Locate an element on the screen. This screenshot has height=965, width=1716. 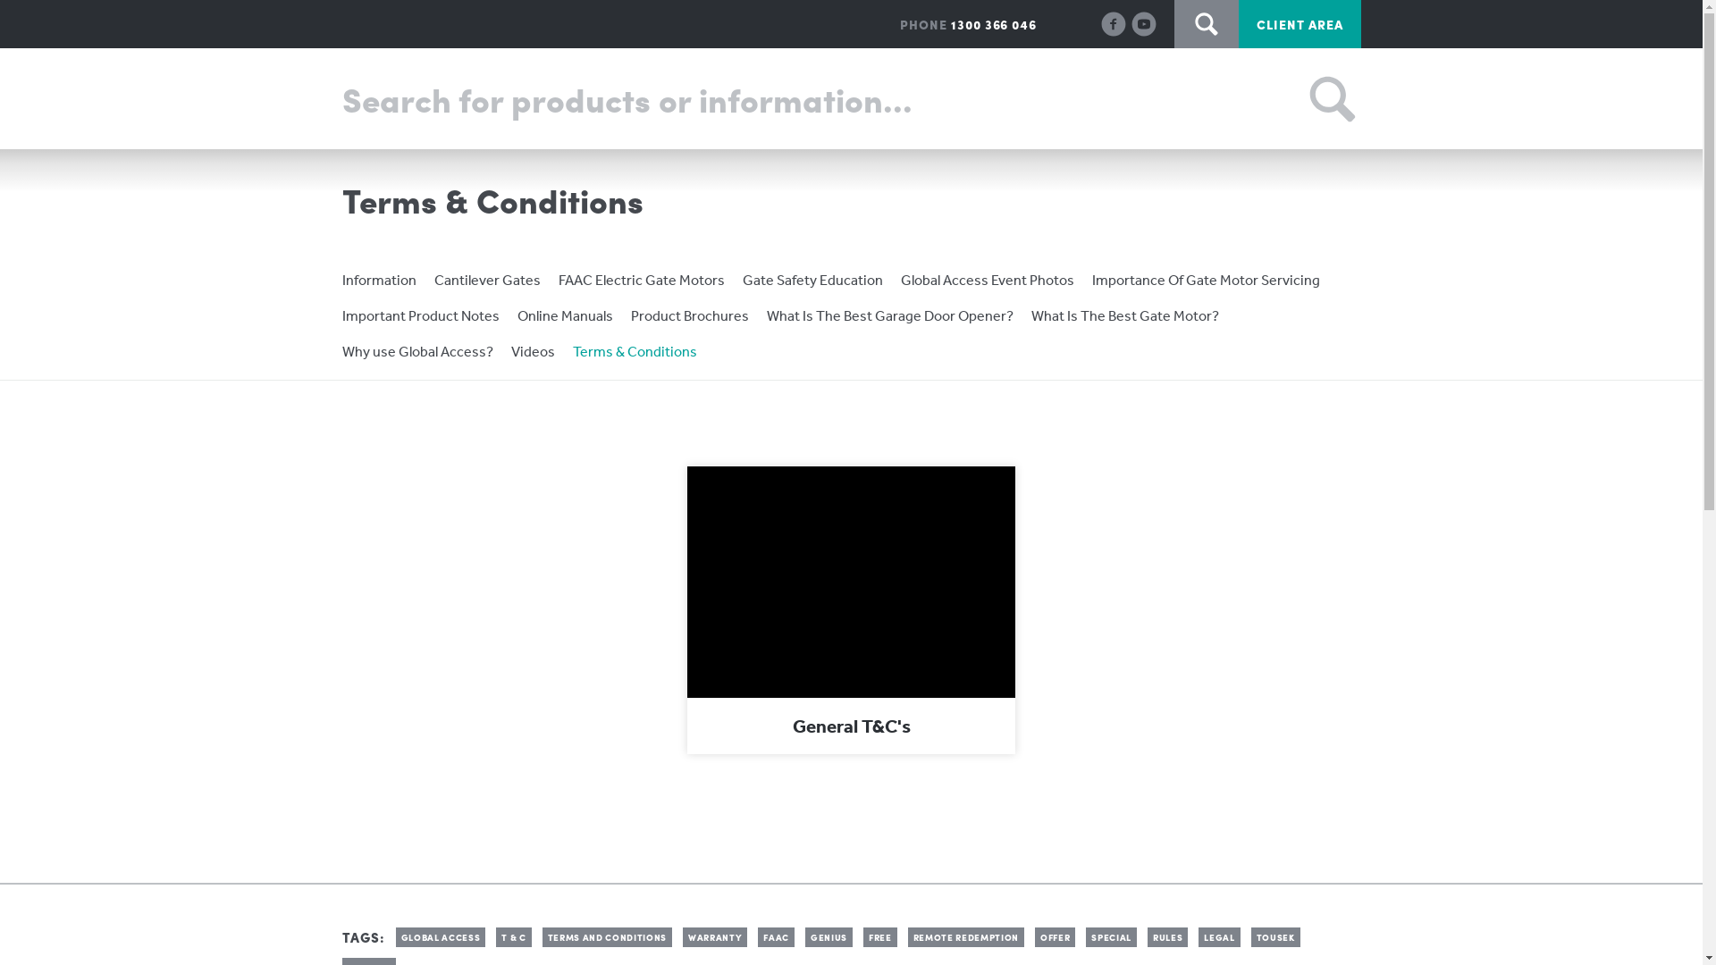
'Product Brochures' is located at coordinates (689, 315).